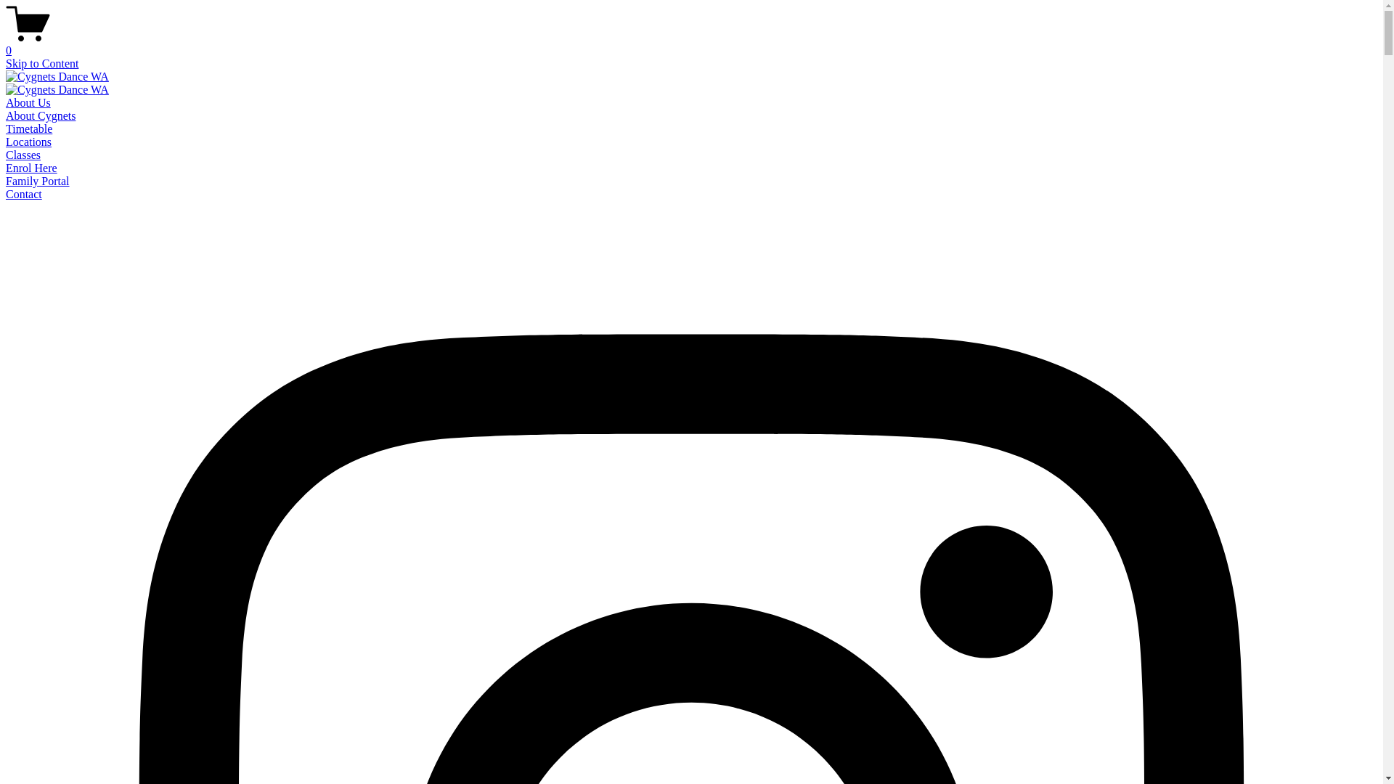 This screenshot has width=1394, height=784. What do you see at coordinates (6, 44) in the screenshot?
I see `'0'` at bounding box center [6, 44].